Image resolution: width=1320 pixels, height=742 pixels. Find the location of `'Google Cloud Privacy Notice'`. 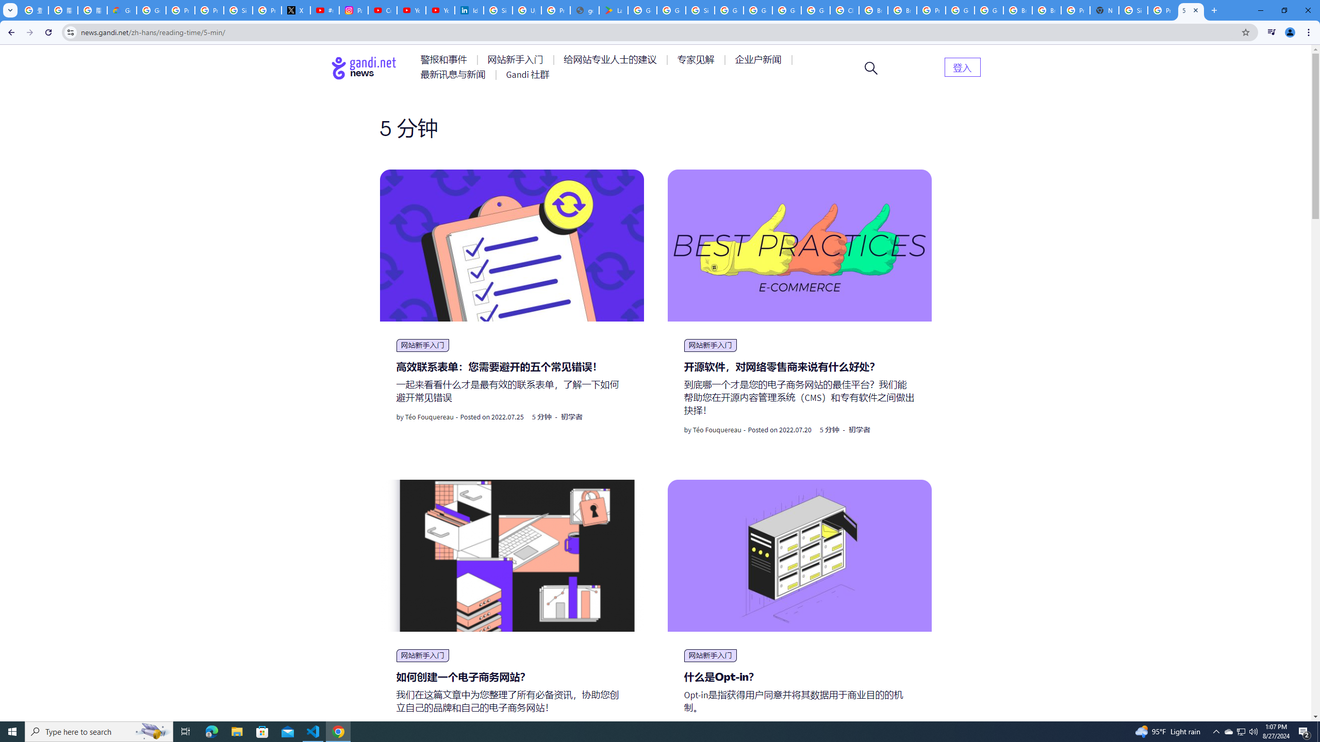

'Google Cloud Privacy Notice' is located at coordinates (122, 10).